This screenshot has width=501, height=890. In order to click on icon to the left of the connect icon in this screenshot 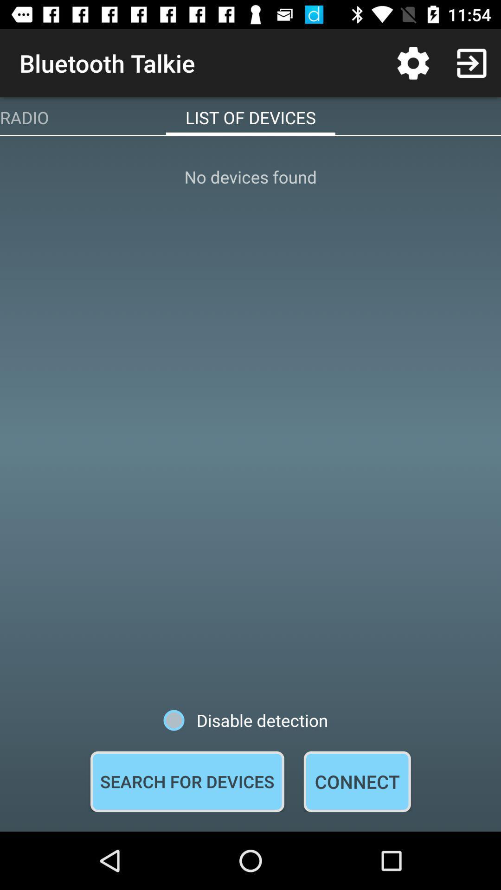, I will do `click(187, 781)`.